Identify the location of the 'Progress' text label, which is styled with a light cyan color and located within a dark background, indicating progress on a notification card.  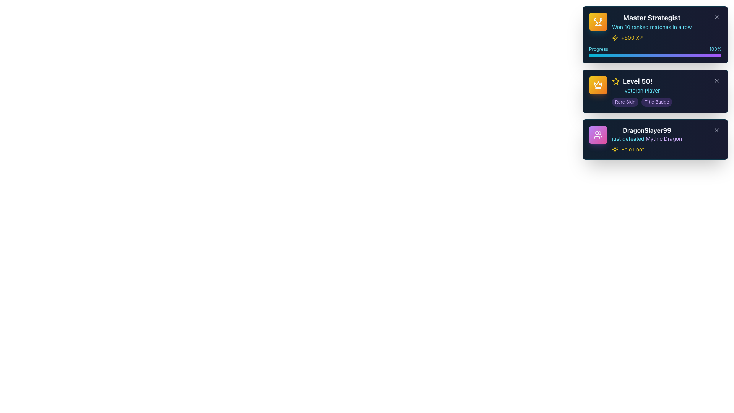
(598, 49).